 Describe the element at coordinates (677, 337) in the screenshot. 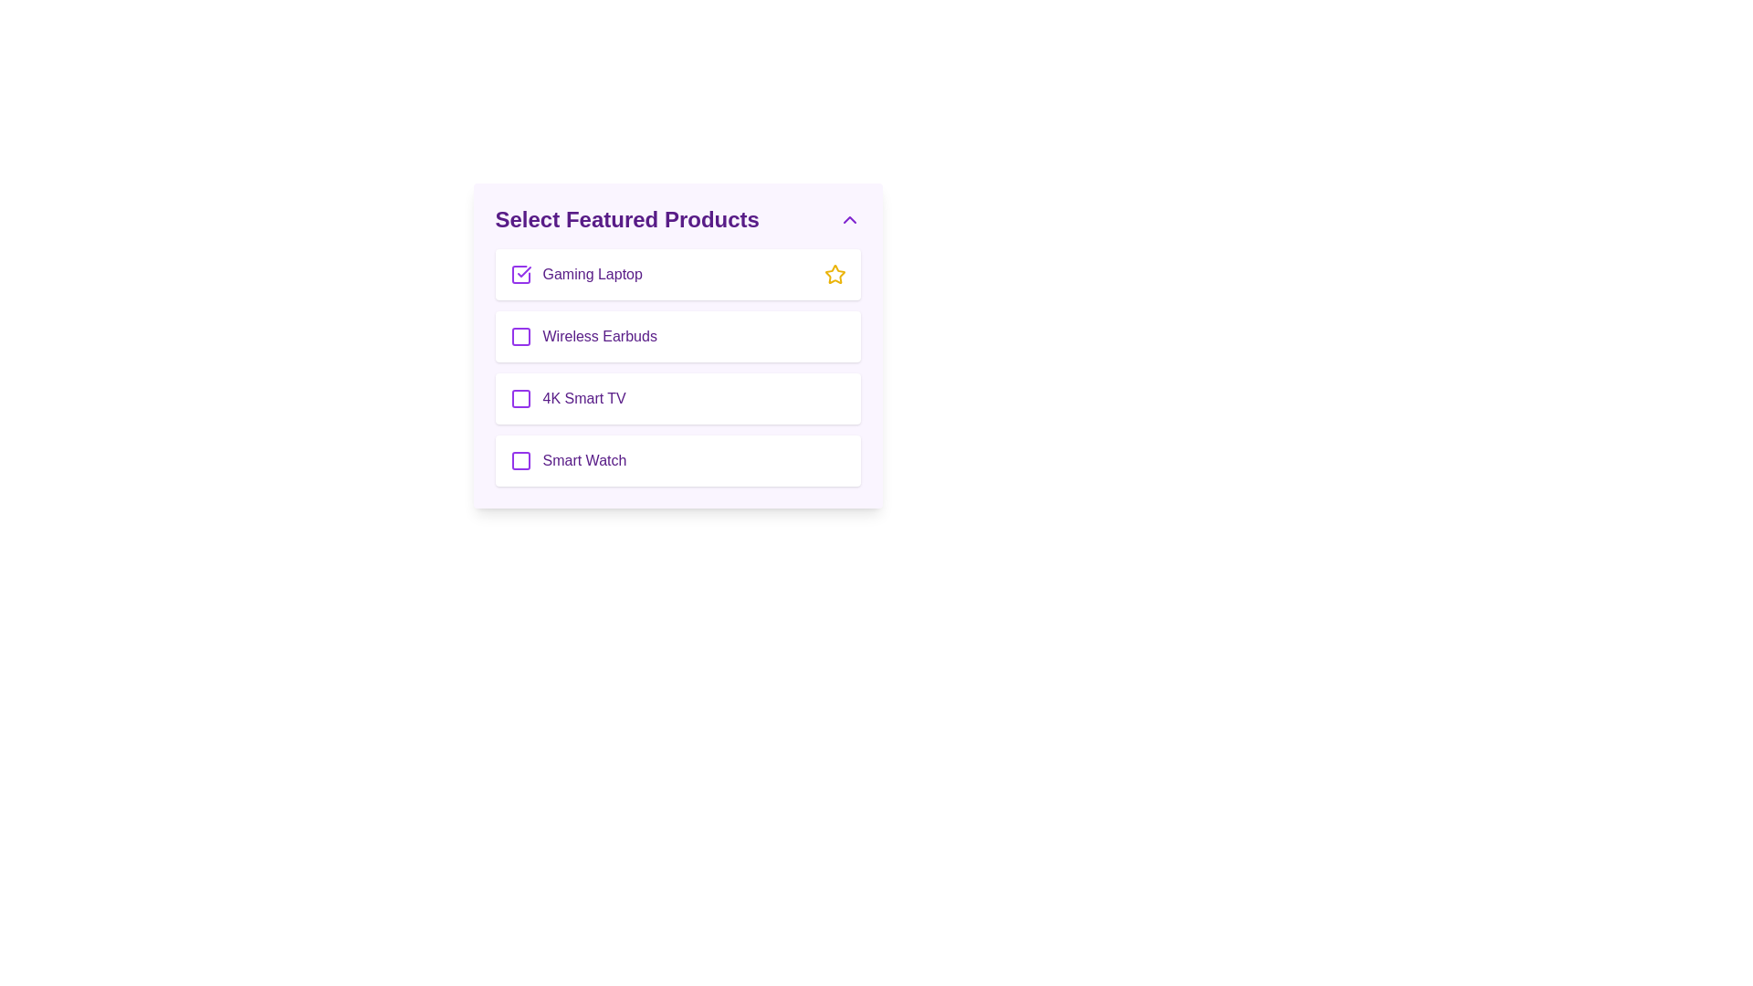

I see `the 'Wireless Earbuds' selectable card, which is the second card in the list under 'Select Featured Products'` at that location.